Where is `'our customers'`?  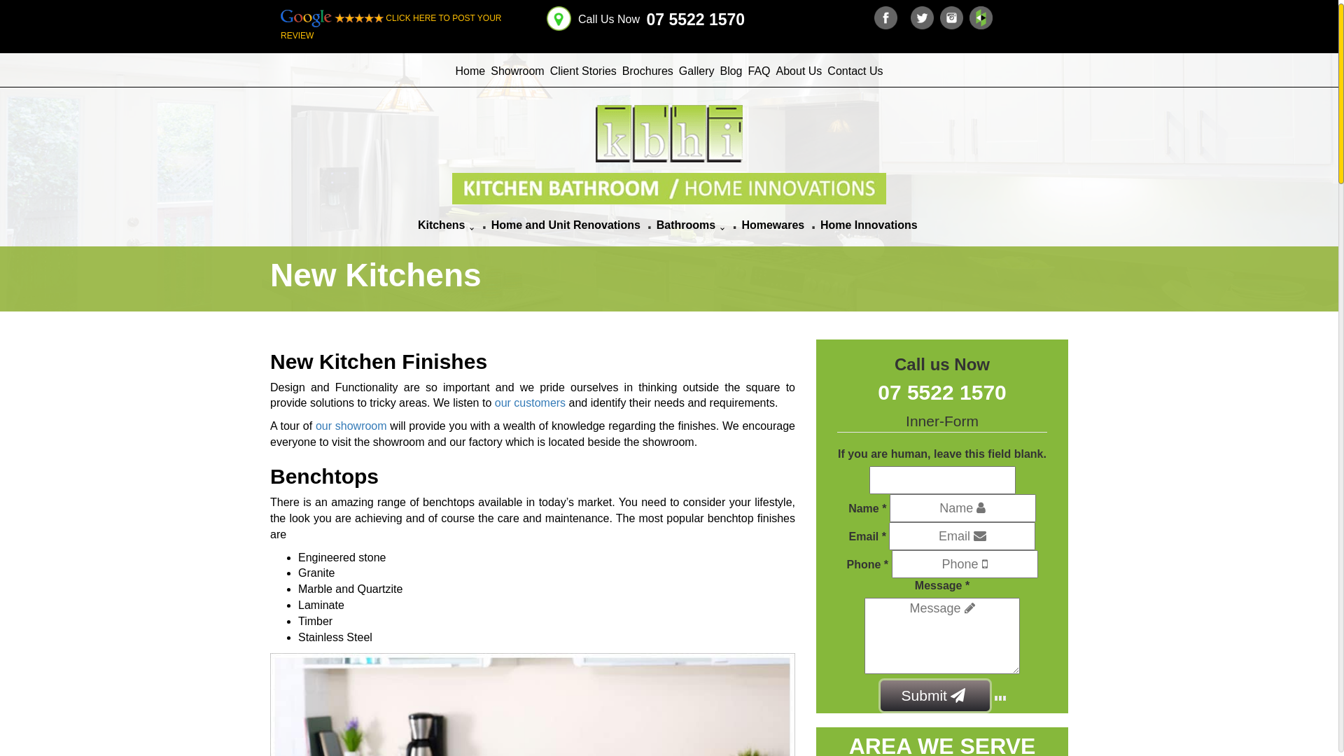
'our customers' is located at coordinates (529, 402).